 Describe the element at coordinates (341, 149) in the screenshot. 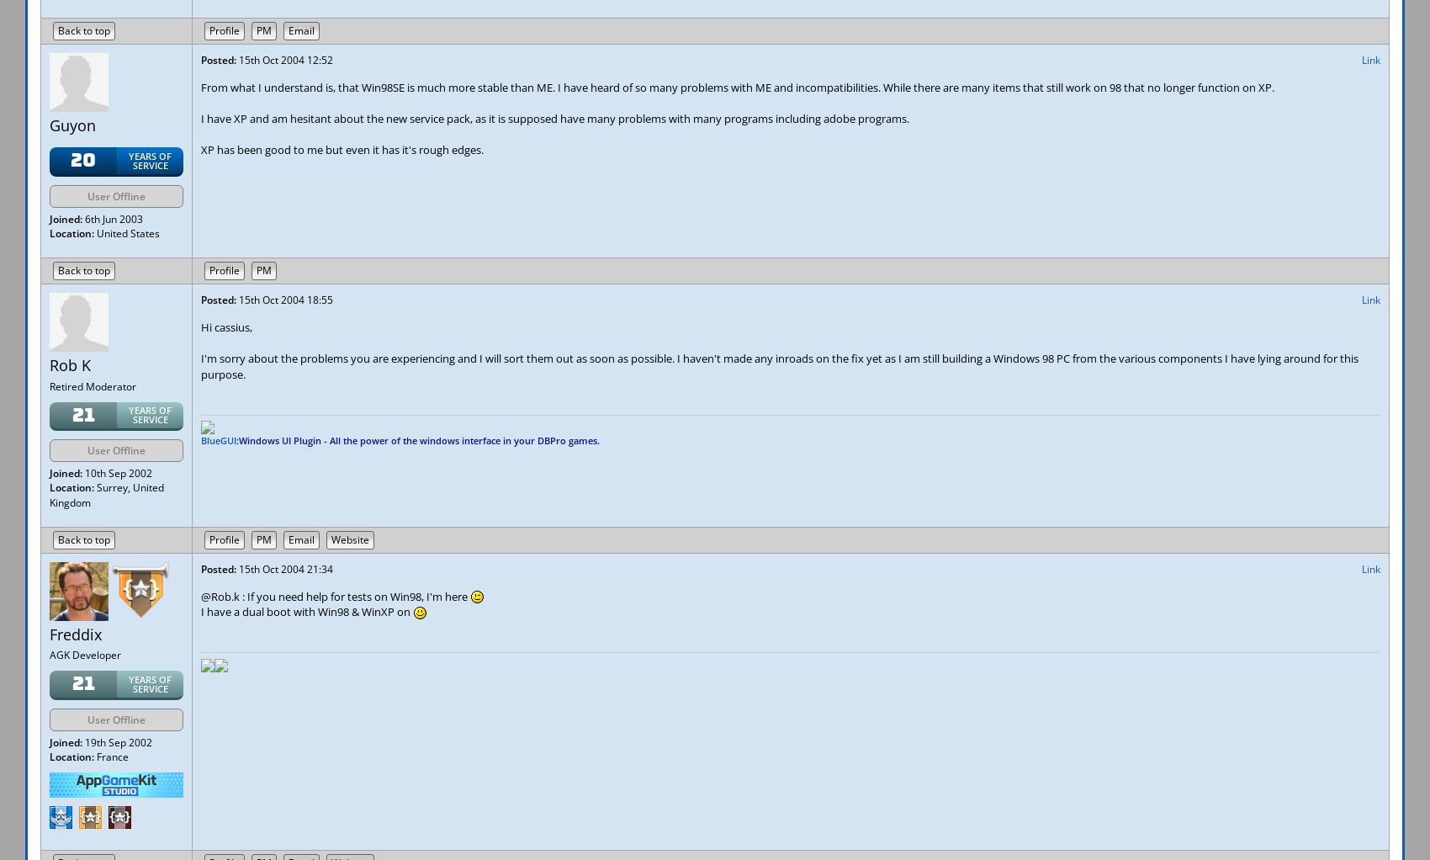

I see `'XP has been good to me but even it has it's rough edges.'` at that location.